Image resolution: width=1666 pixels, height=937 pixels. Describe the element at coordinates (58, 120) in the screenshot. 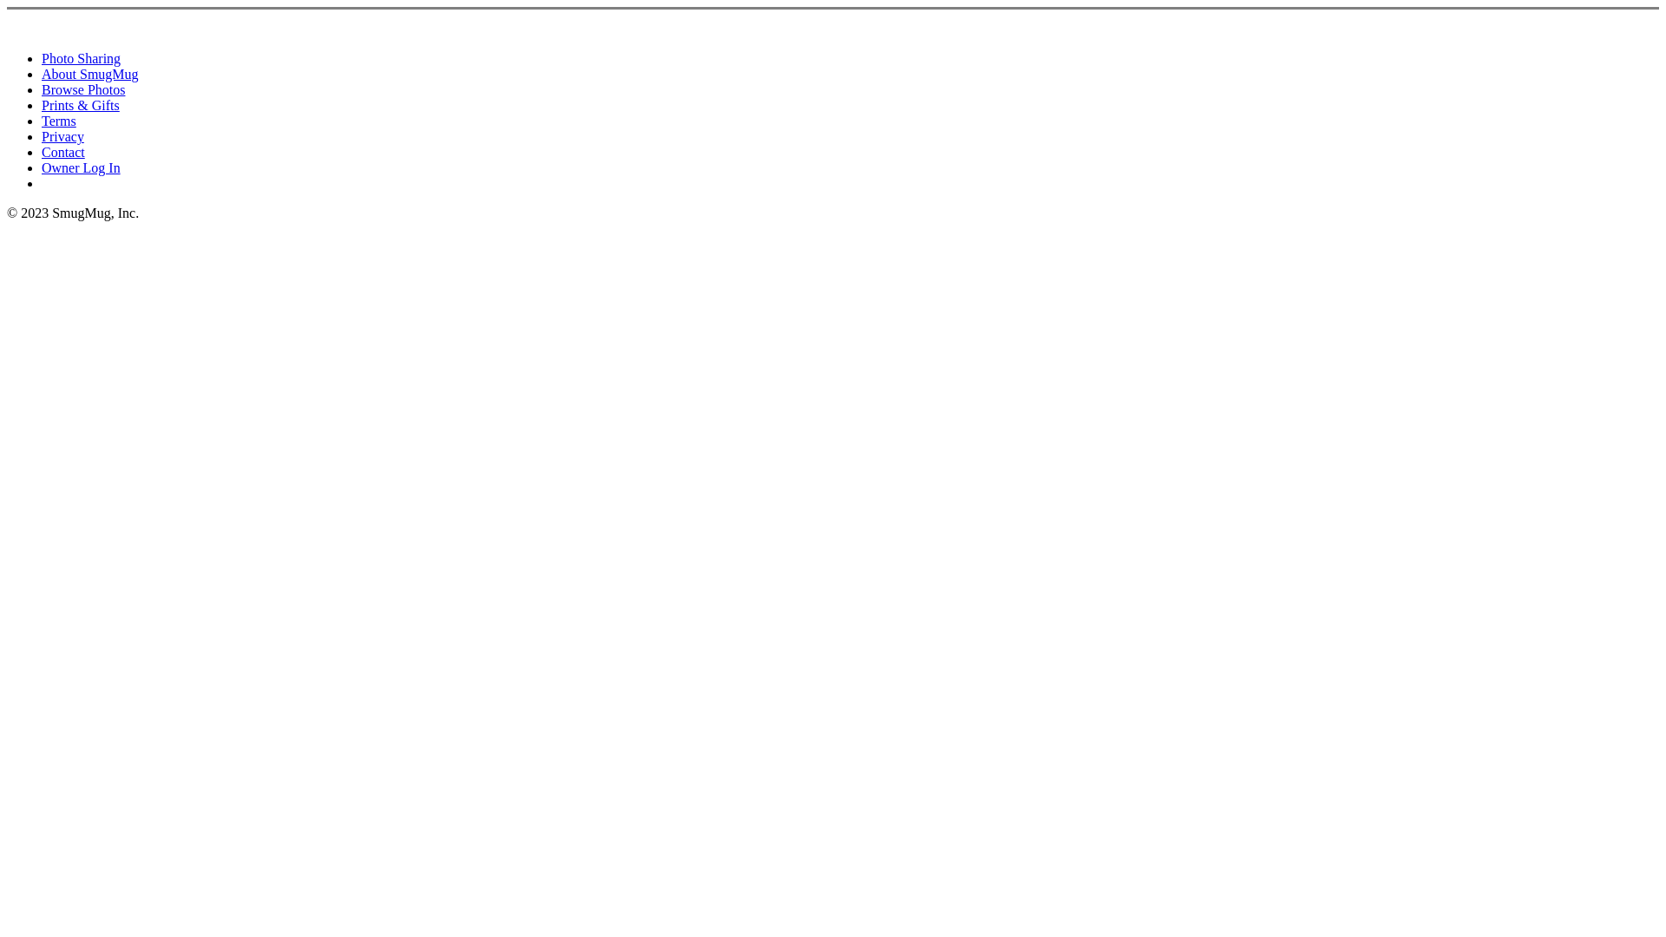

I see `'Terms'` at that location.